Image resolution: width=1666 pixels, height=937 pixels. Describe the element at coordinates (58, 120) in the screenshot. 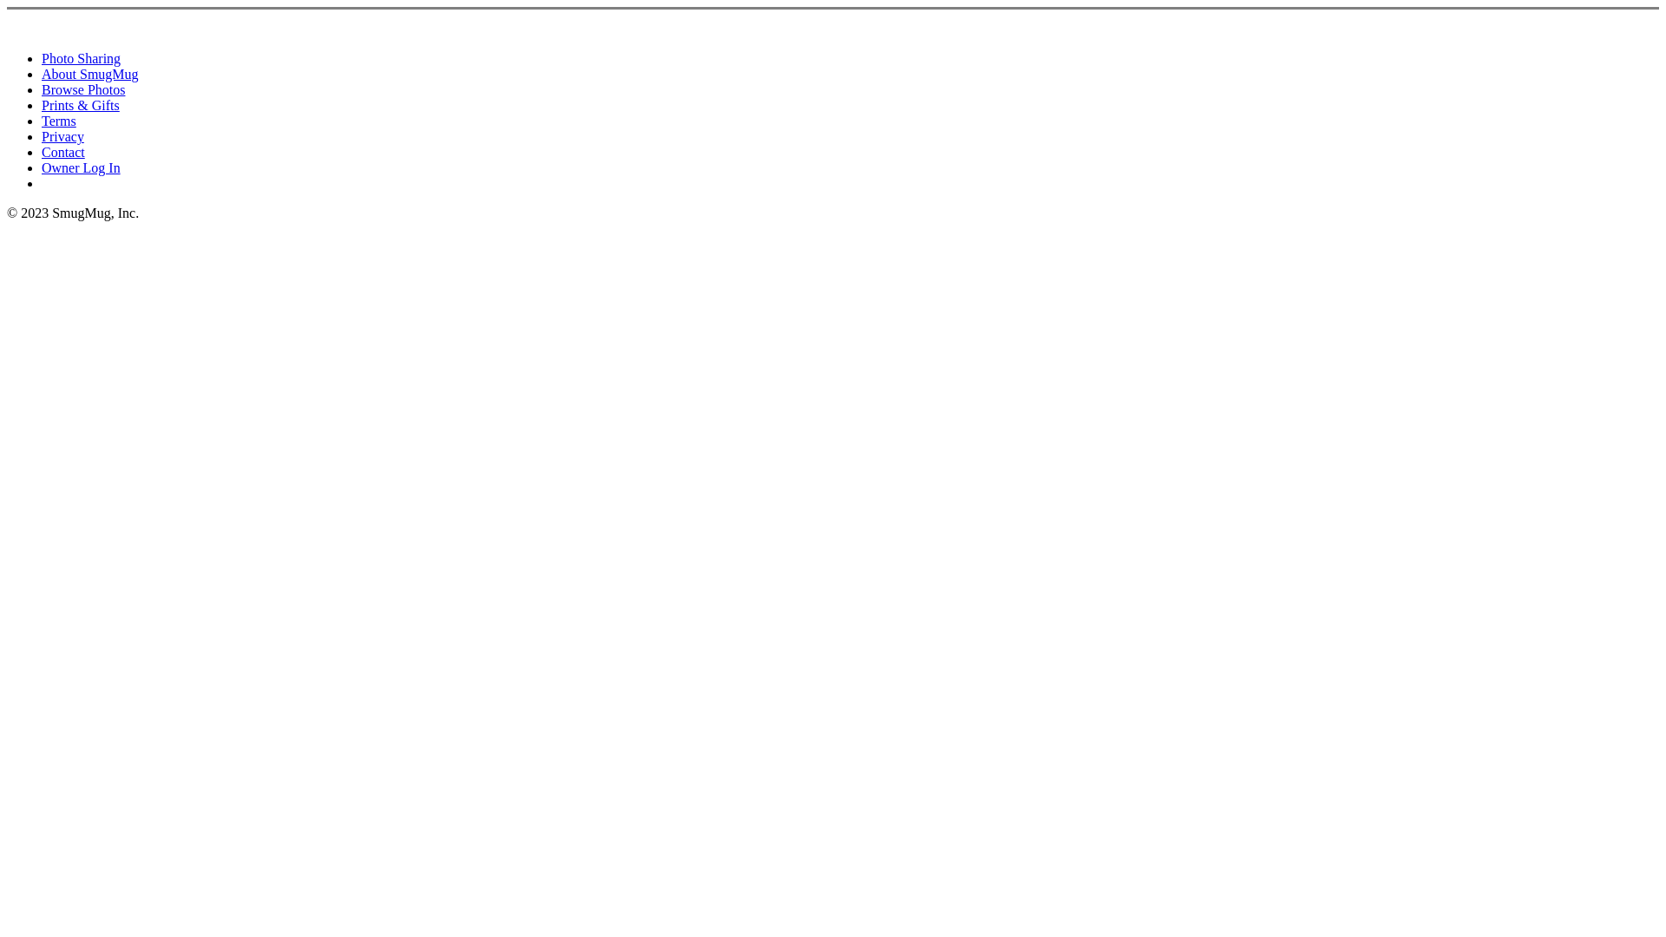

I see `'Terms'` at that location.